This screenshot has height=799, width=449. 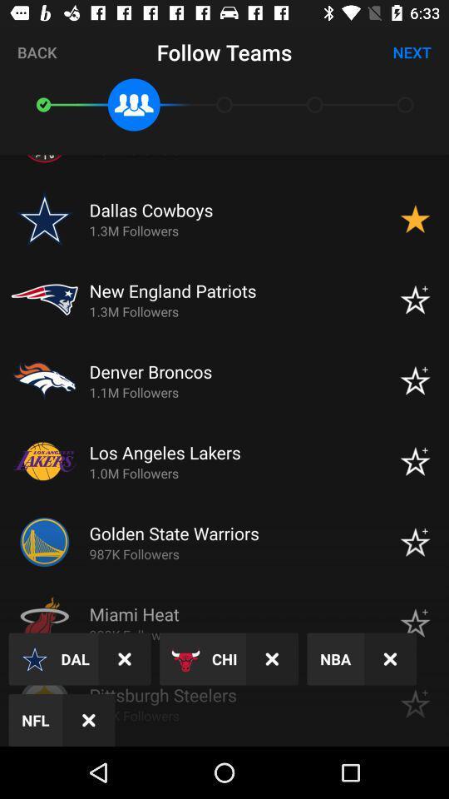 What do you see at coordinates (390, 659) in the screenshot?
I see `x button which is after nba on page` at bounding box center [390, 659].